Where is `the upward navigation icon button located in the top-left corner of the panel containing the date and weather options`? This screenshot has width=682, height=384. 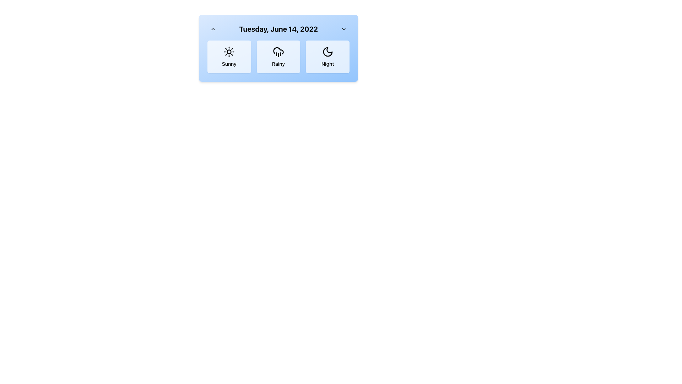
the upward navigation icon button located in the top-left corner of the panel containing the date and weather options is located at coordinates (213, 28).